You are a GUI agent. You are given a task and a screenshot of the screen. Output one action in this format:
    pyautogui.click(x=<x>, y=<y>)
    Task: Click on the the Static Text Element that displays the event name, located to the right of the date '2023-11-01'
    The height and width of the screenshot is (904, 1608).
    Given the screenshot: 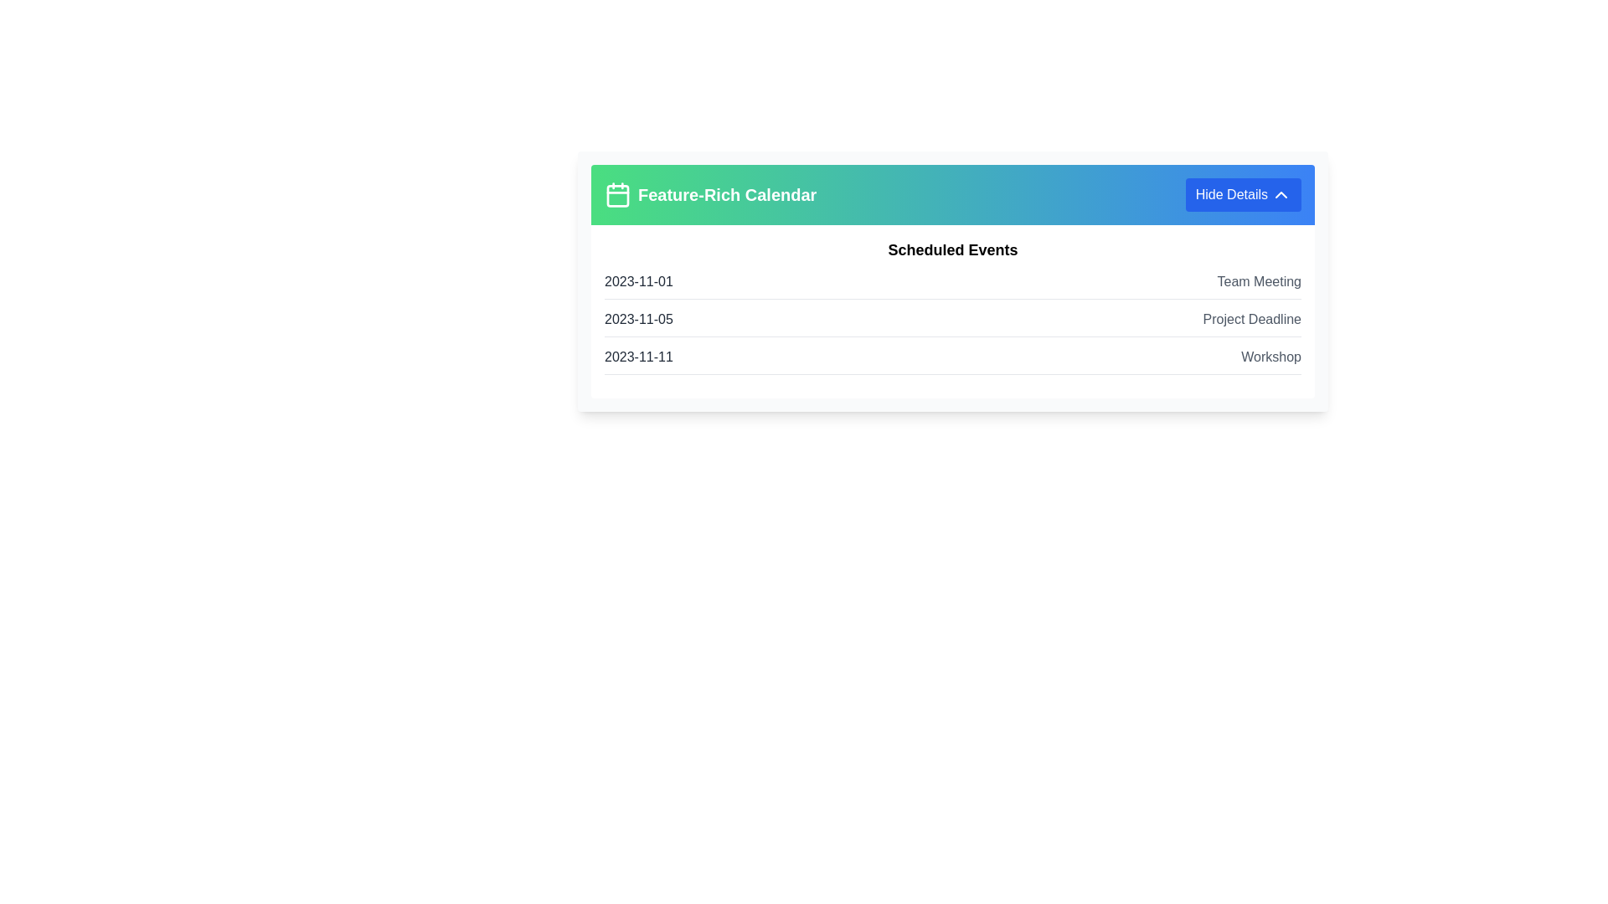 What is the action you would take?
    pyautogui.click(x=1259, y=280)
    